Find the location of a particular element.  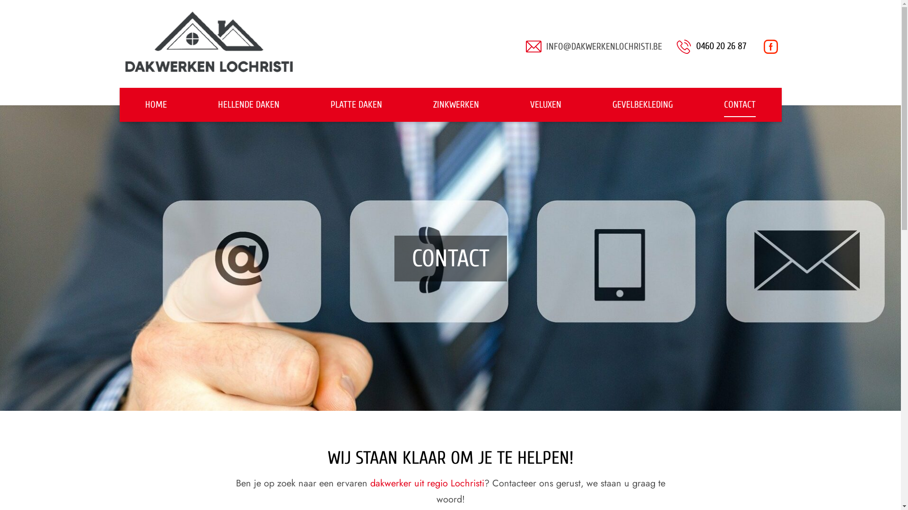

'ZINKWERKEN' is located at coordinates (433, 105).